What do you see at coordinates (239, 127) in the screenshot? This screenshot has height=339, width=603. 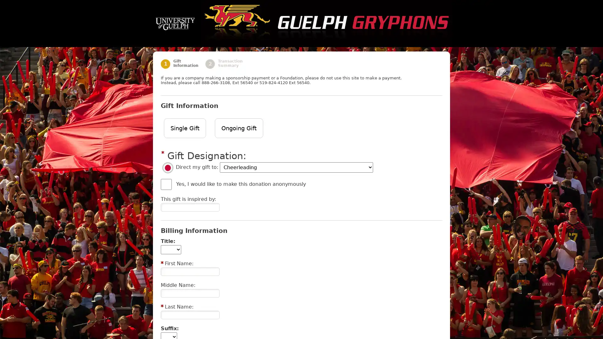 I see `Ongoing Gift` at bounding box center [239, 127].